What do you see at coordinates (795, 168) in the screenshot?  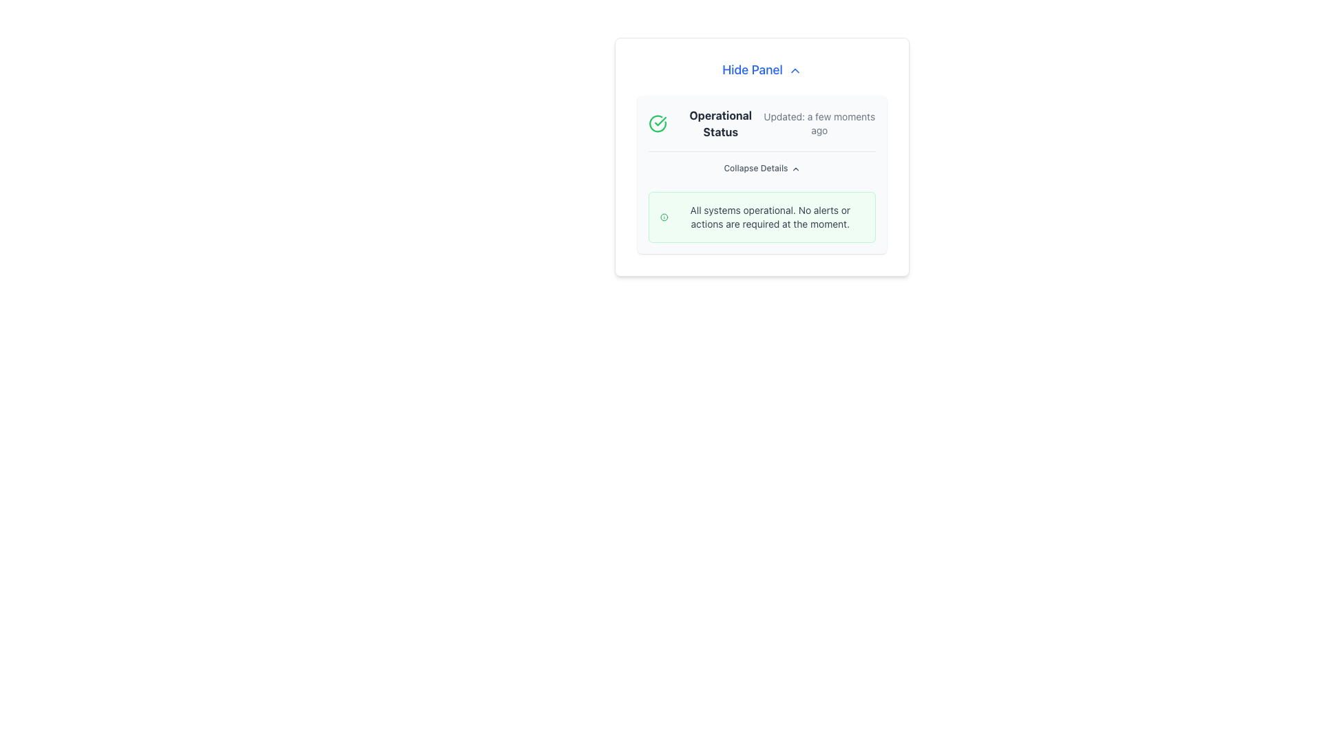 I see `the interactive icon to the right of the 'Collapse Details' text` at bounding box center [795, 168].